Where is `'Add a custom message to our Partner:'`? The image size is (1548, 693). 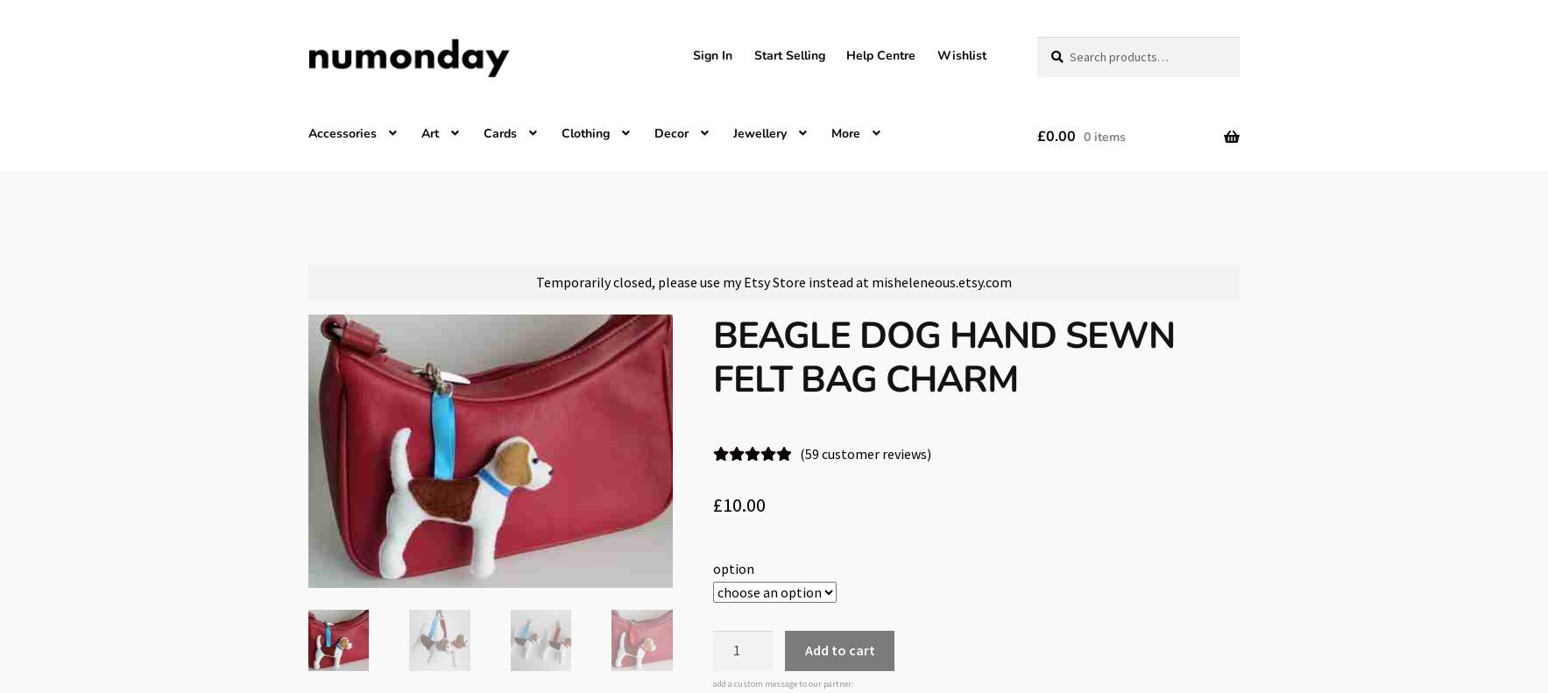 'Add a custom message to our Partner:' is located at coordinates (782, 682).